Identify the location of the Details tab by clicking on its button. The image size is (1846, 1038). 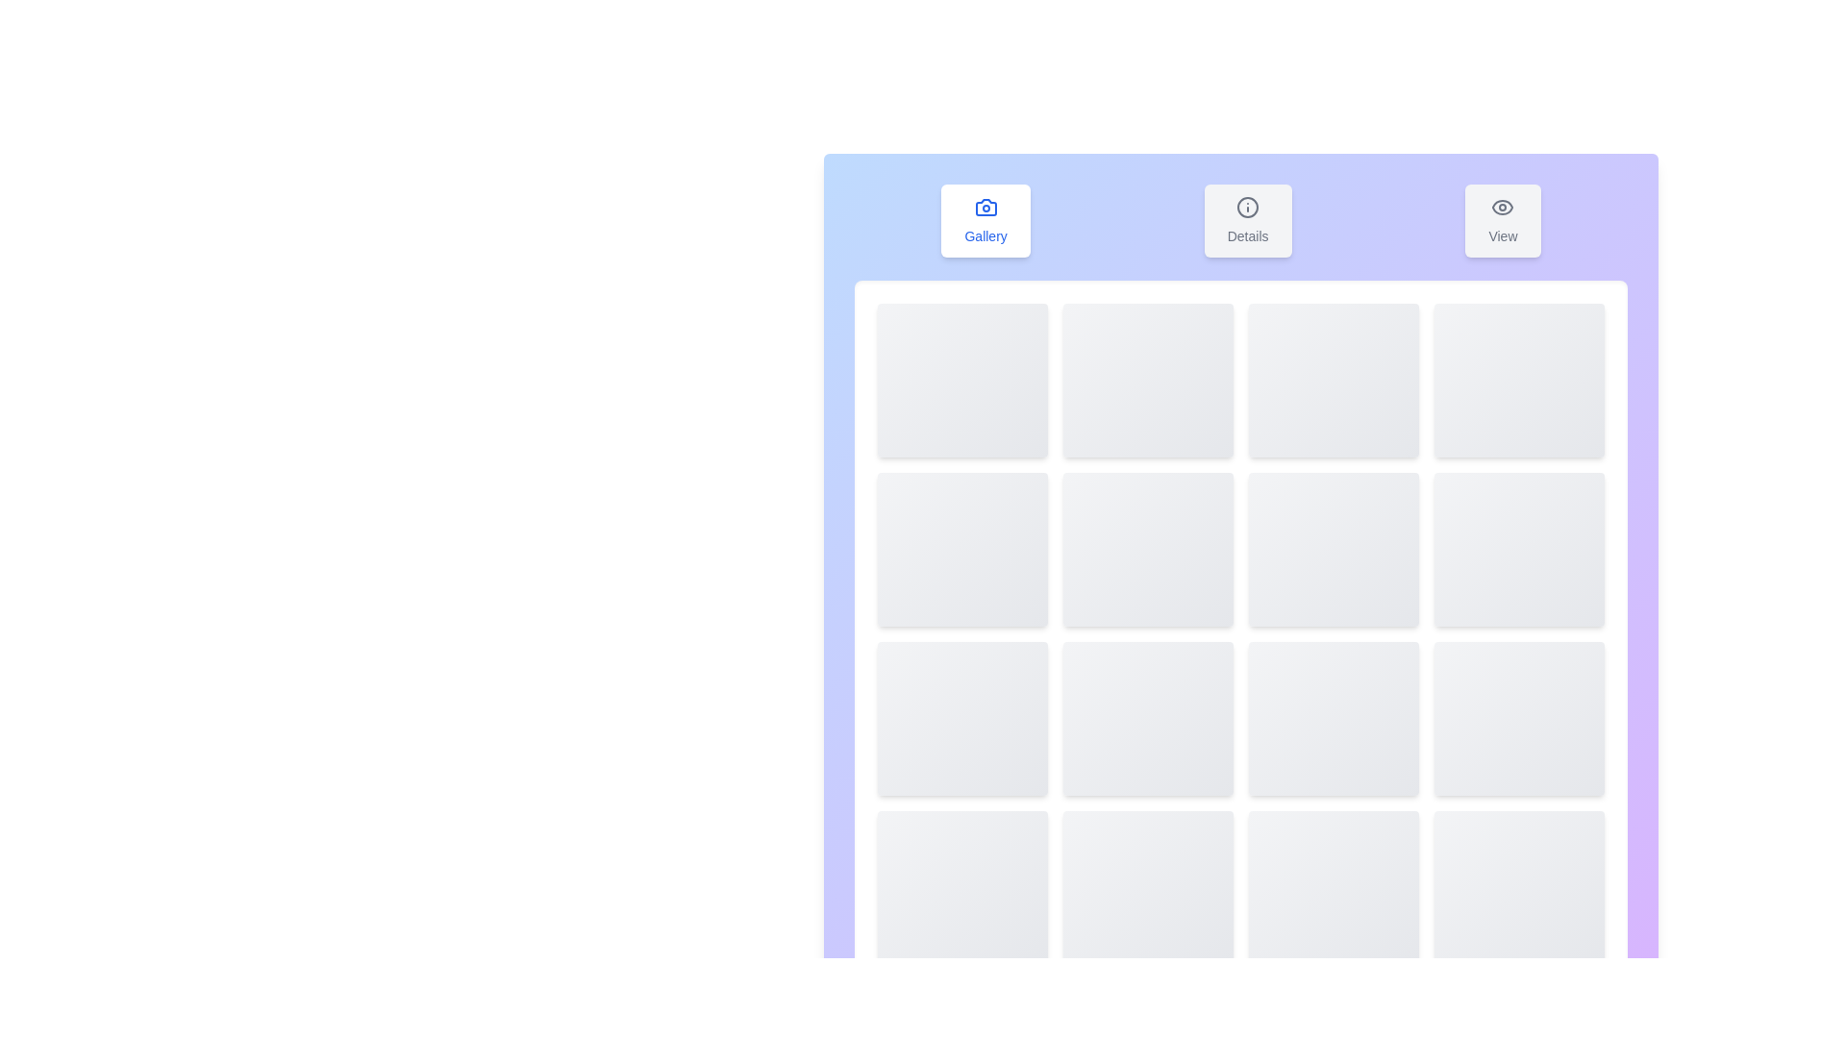
(1248, 220).